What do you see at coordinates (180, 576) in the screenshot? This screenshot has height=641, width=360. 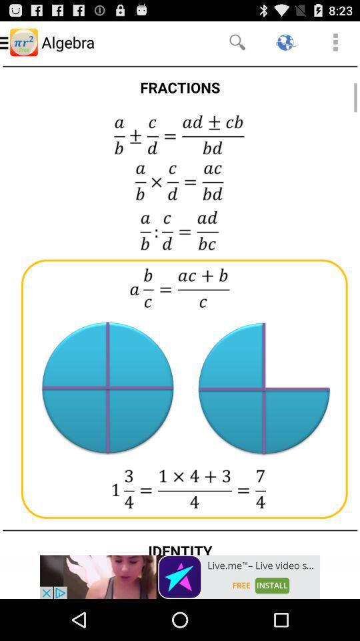 I see `click advertisement banner to install live.me app` at bounding box center [180, 576].